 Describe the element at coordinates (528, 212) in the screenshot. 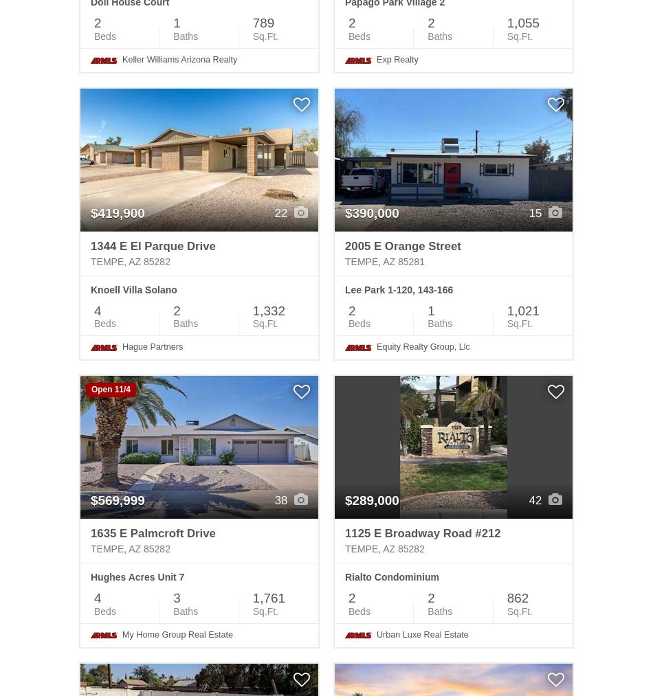

I see `'15'` at that location.